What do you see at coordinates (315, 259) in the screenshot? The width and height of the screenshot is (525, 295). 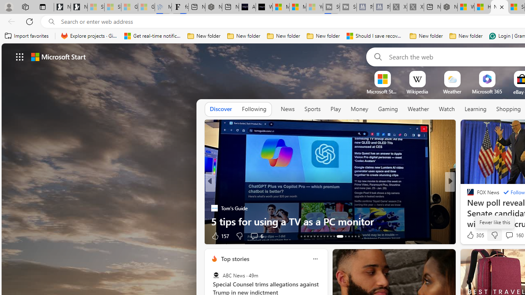 I see `'More options'` at bounding box center [315, 259].